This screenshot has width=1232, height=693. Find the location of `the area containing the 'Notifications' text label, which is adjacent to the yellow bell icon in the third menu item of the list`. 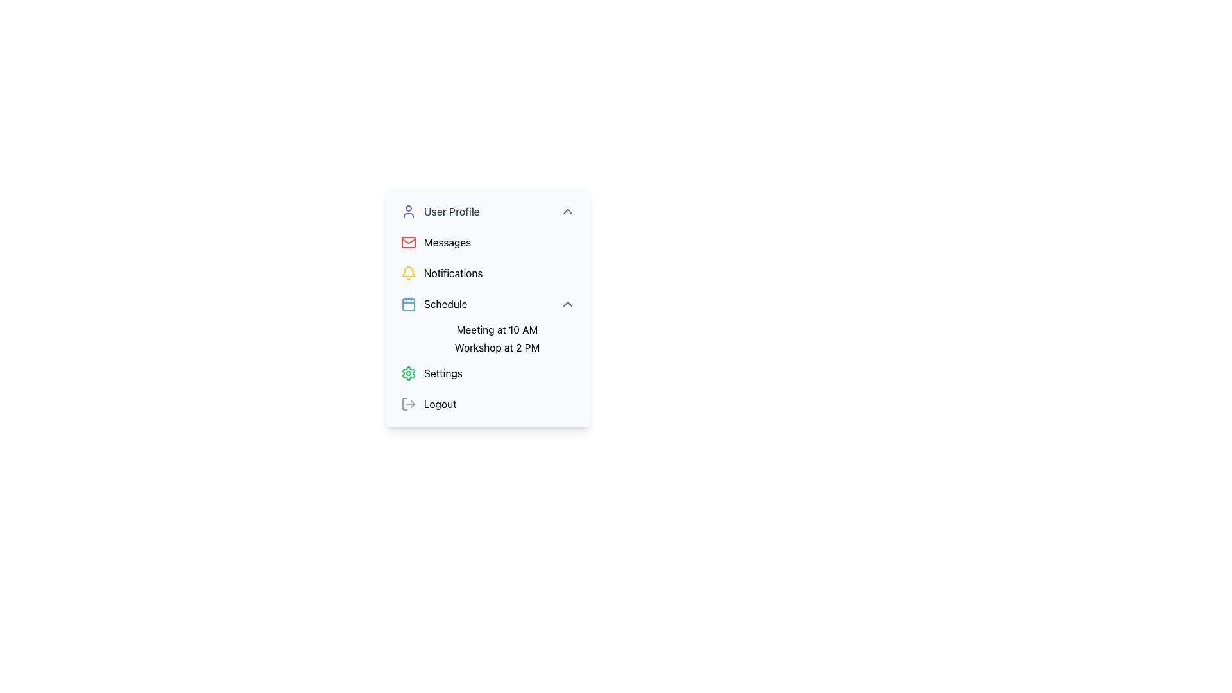

the area containing the 'Notifications' text label, which is adjacent to the yellow bell icon in the third menu item of the list is located at coordinates (453, 272).